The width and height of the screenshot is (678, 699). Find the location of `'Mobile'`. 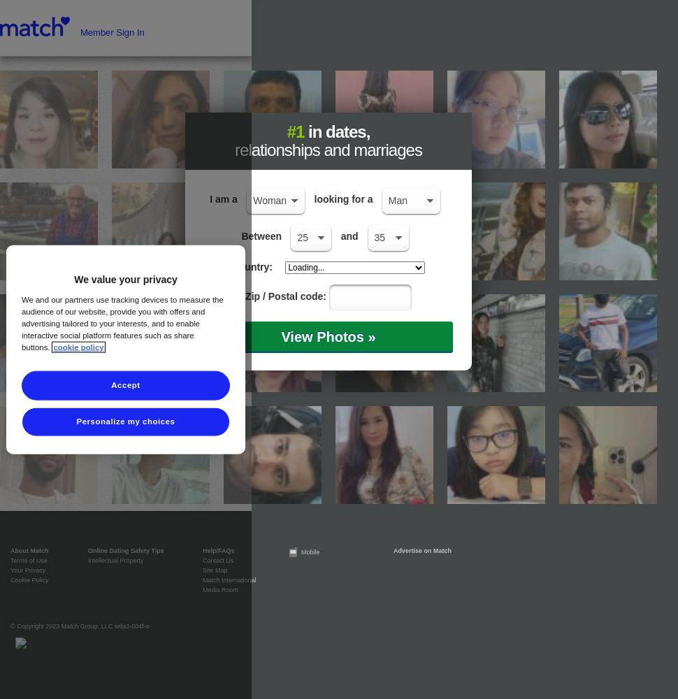

'Mobile' is located at coordinates (309, 552).